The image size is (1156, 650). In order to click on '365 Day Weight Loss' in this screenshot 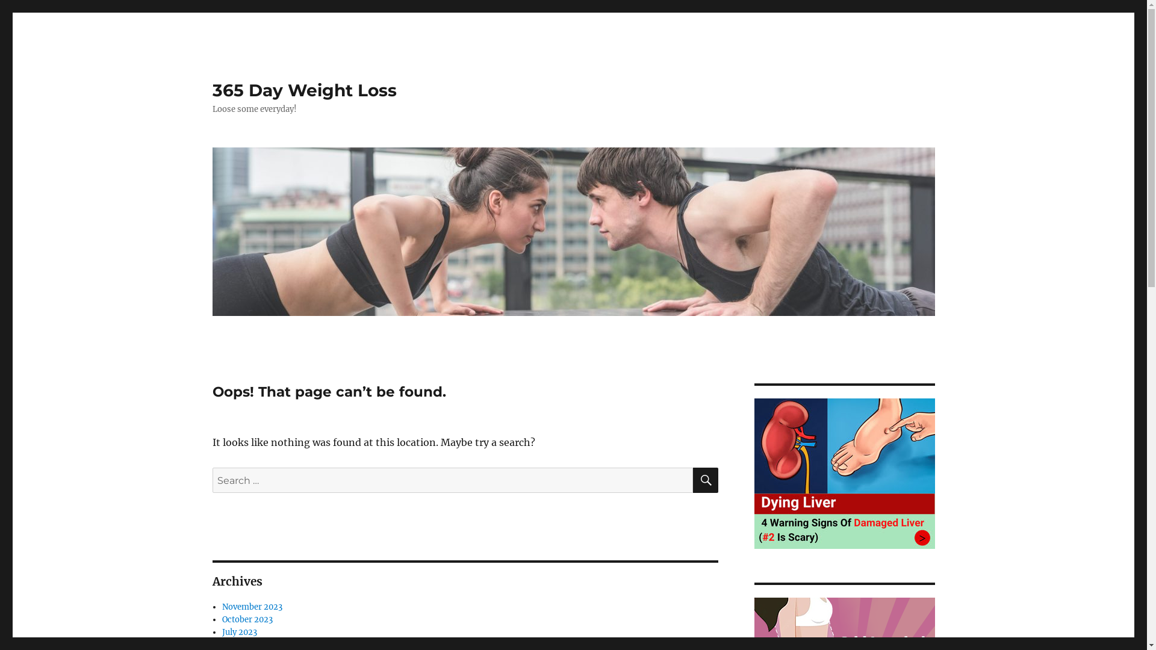, I will do `click(303, 90)`.